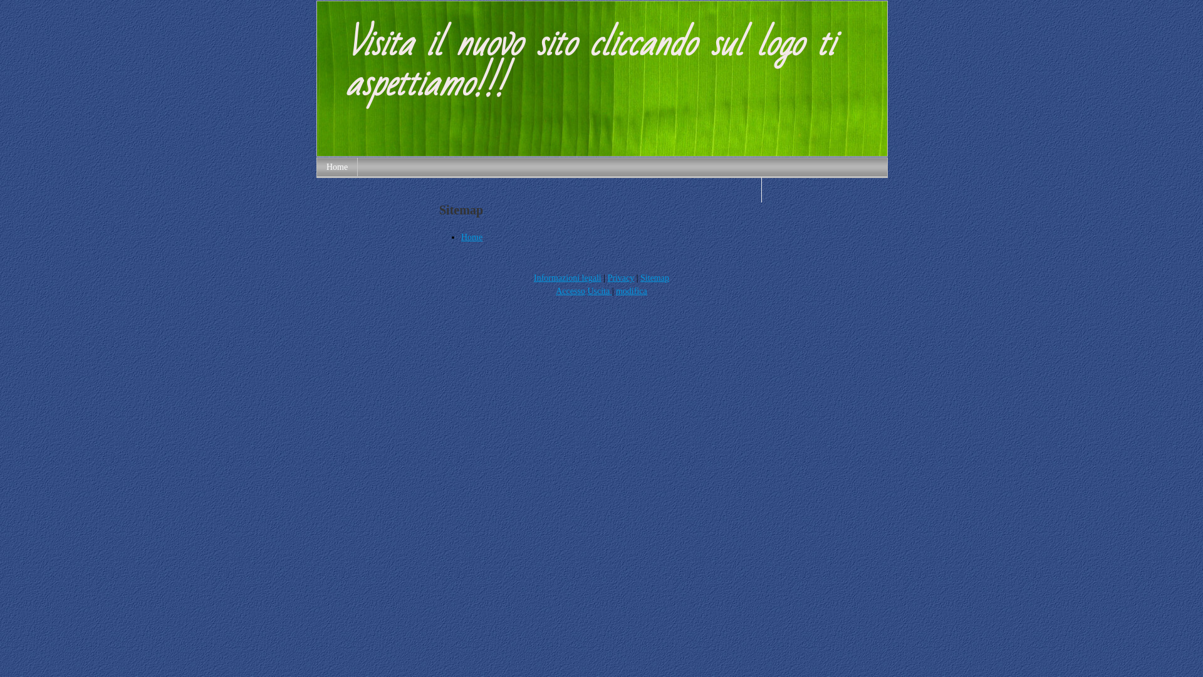 This screenshot has width=1203, height=677. Describe the element at coordinates (601, 152) in the screenshot. I see `'Visita il nuovo sito cliccando sul logo ti aspettiamo!!!'` at that location.